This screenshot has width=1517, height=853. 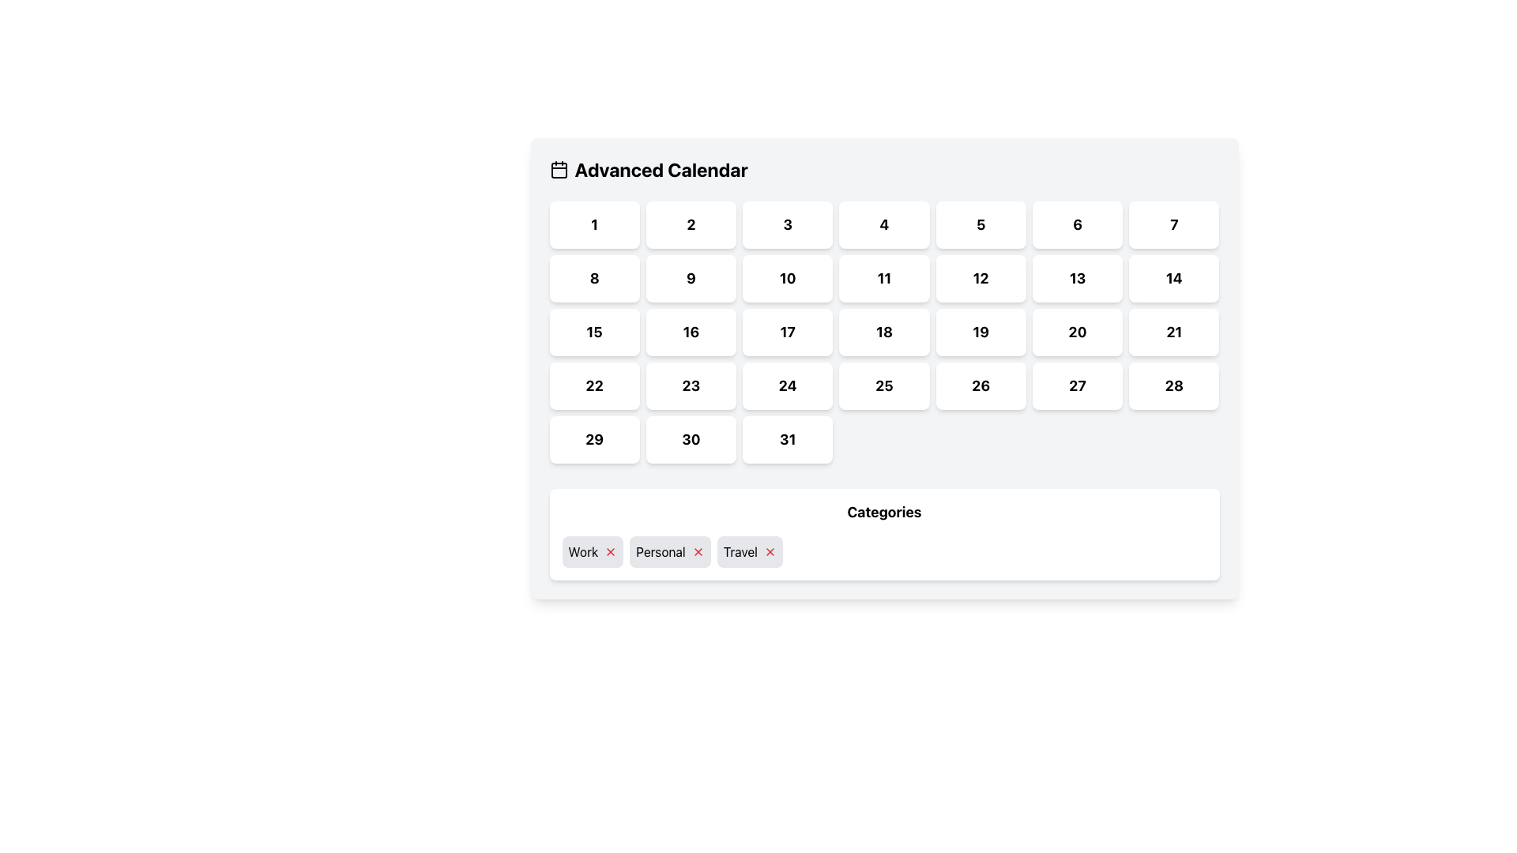 What do you see at coordinates (788, 439) in the screenshot?
I see `the bold textual number '31' displayed in the bottom row of a calendar grid layout, which is the last position in the row` at bounding box center [788, 439].